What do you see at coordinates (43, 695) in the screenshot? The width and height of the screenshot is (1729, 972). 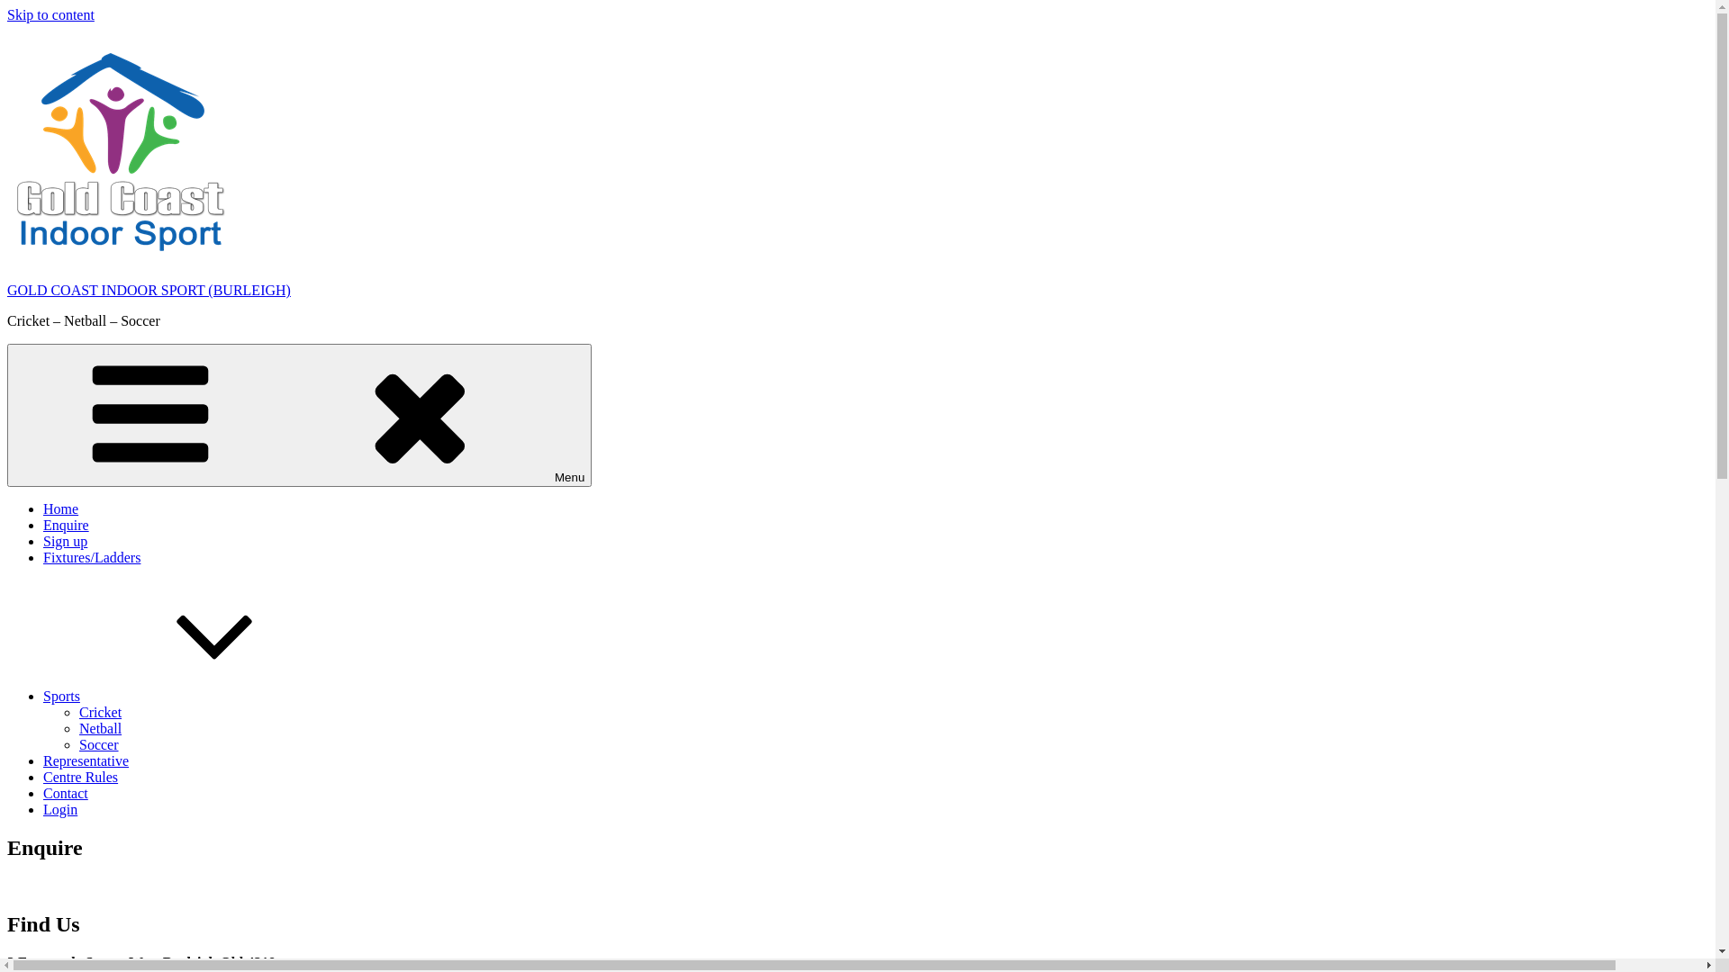 I see `'Sports'` at bounding box center [43, 695].